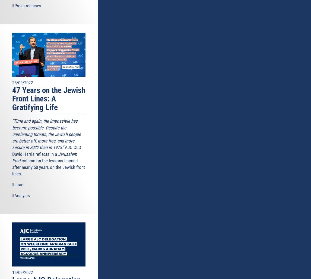  Describe the element at coordinates (47, 151) in the screenshot. I see `'AJC CEO David Harris reflects in a'` at that location.